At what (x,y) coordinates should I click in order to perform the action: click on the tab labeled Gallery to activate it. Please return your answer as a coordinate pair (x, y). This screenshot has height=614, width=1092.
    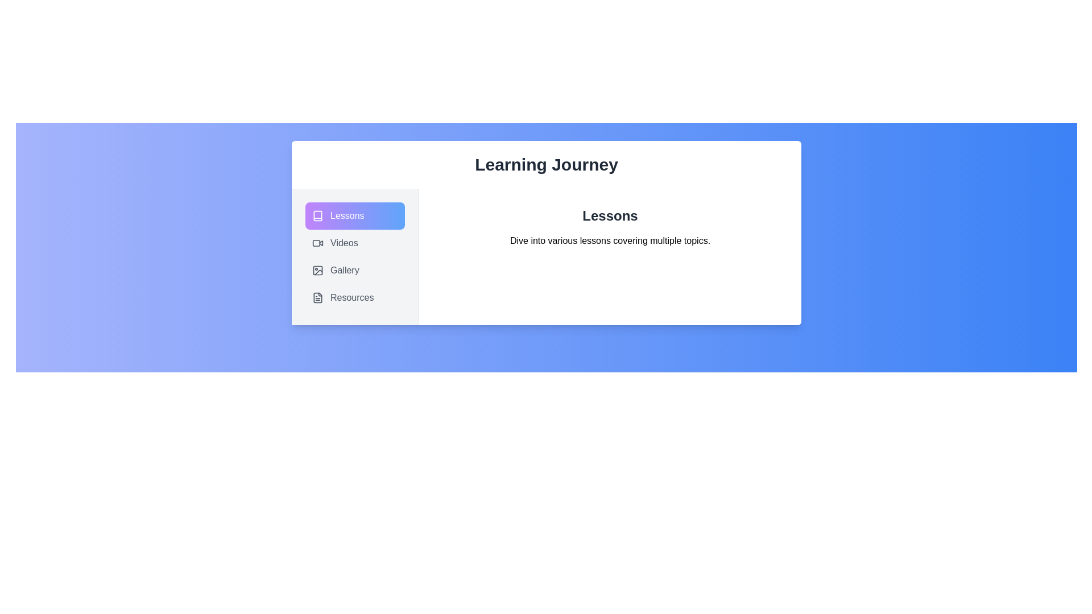
    Looking at the image, I should click on (354, 270).